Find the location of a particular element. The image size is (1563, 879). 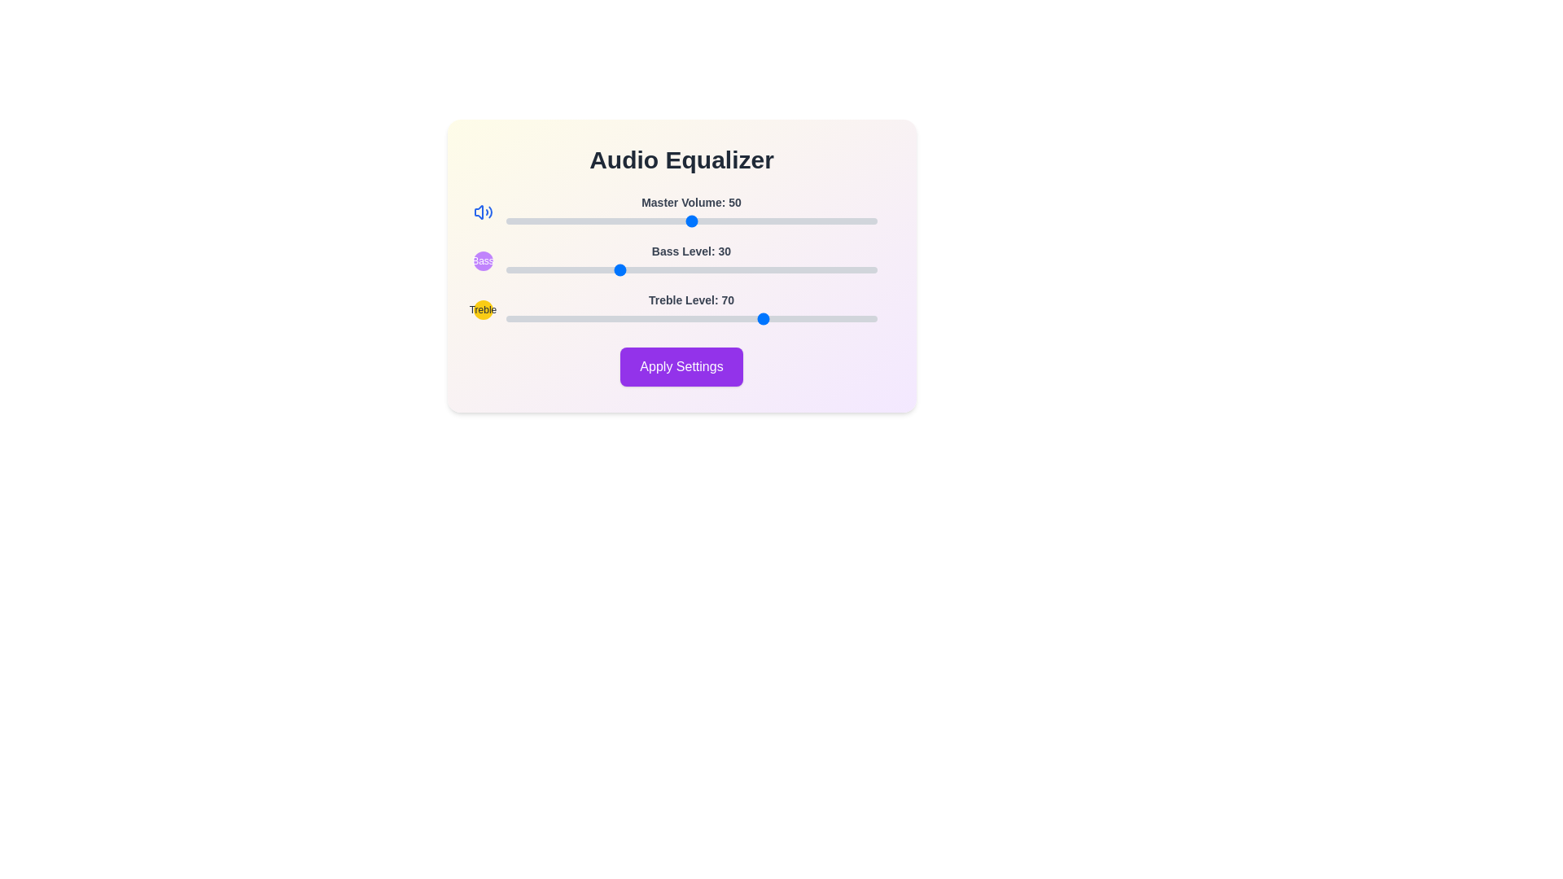

the bass level is located at coordinates (854, 269).